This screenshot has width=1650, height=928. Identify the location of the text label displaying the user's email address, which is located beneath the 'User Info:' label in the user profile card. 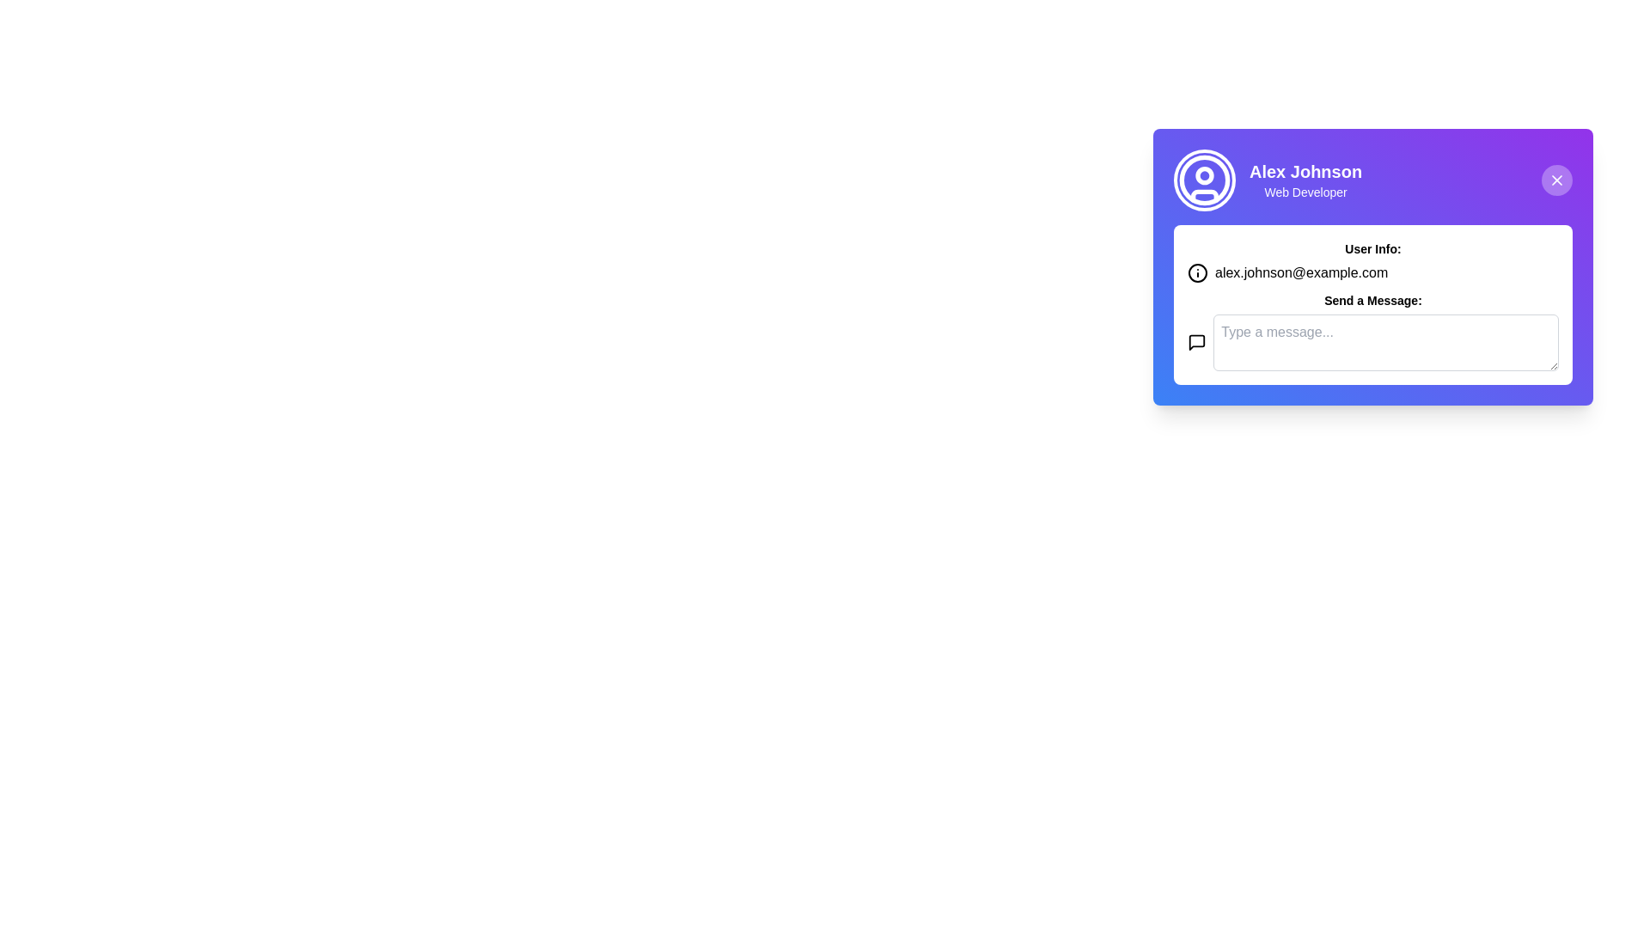
(1372, 272).